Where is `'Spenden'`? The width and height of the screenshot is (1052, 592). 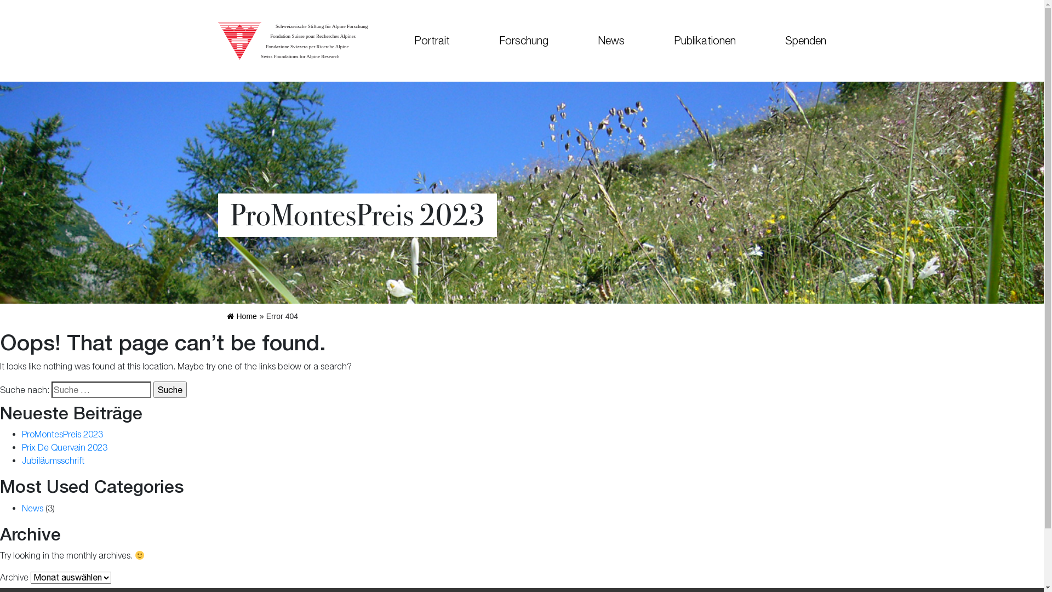
'Spenden' is located at coordinates (793, 39).